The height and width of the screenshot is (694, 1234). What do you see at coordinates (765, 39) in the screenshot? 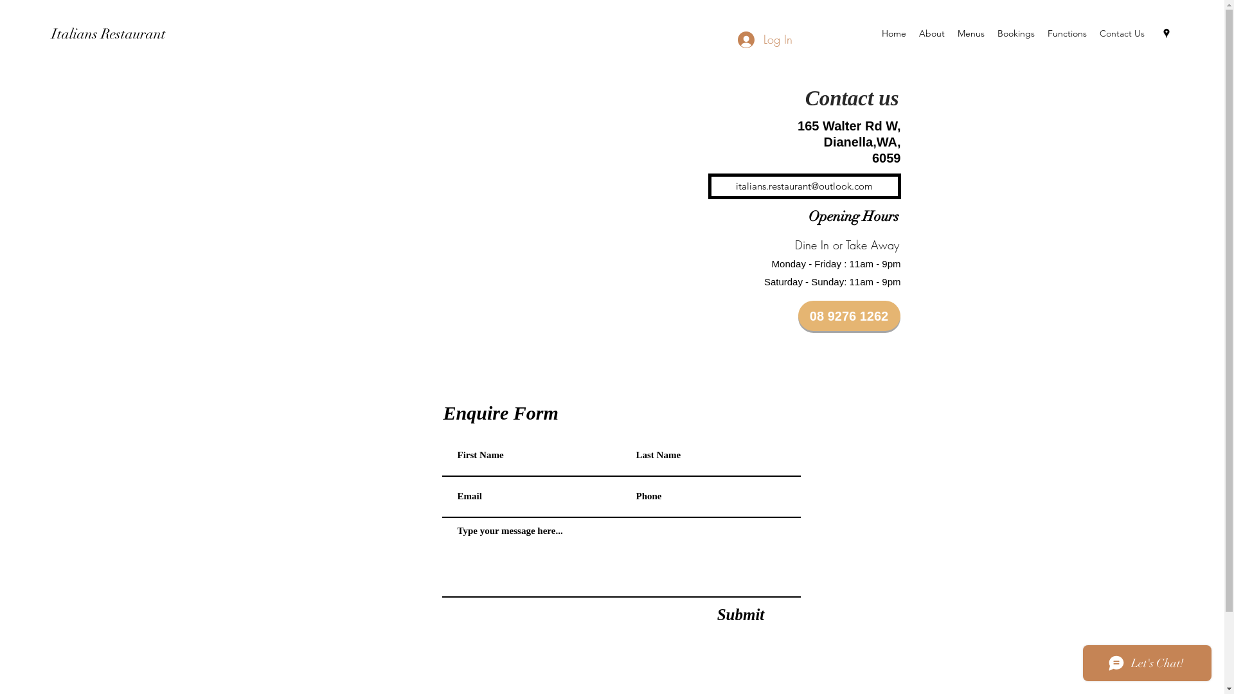
I see `'Log In'` at bounding box center [765, 39].